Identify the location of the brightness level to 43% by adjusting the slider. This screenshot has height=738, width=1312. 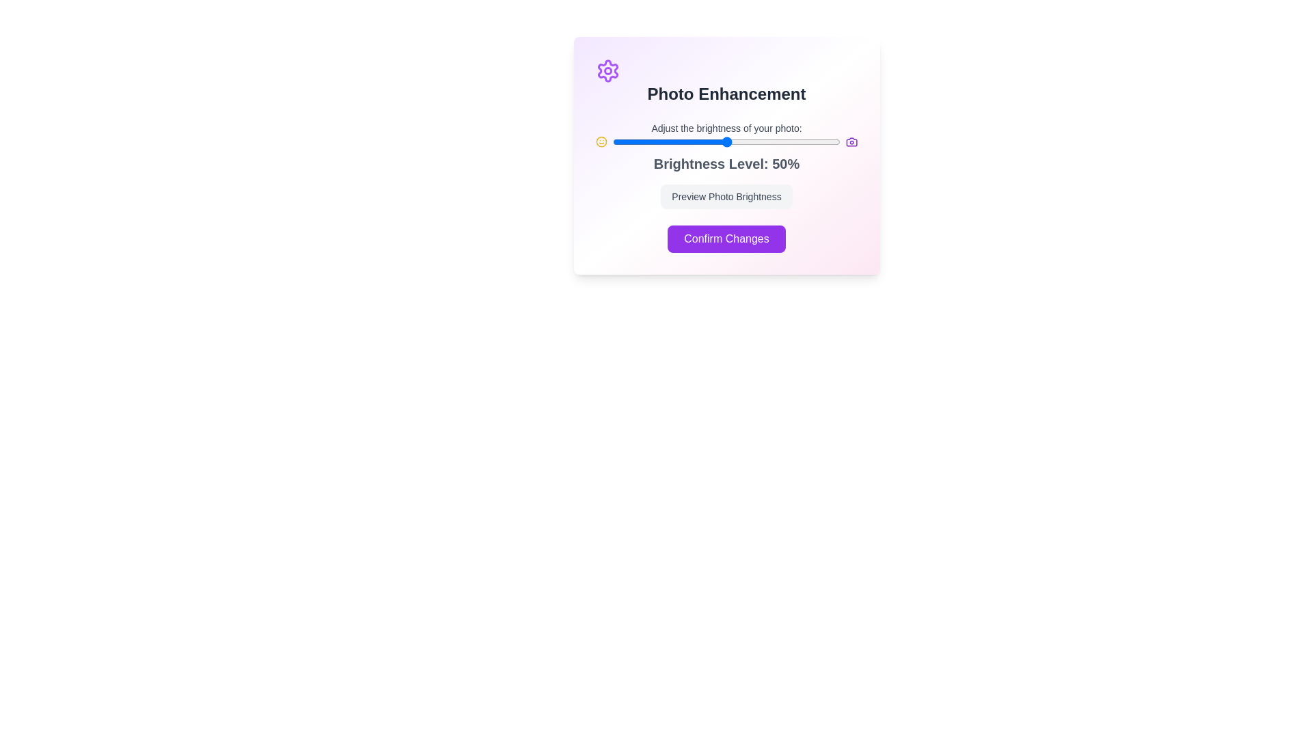
(711, 142).